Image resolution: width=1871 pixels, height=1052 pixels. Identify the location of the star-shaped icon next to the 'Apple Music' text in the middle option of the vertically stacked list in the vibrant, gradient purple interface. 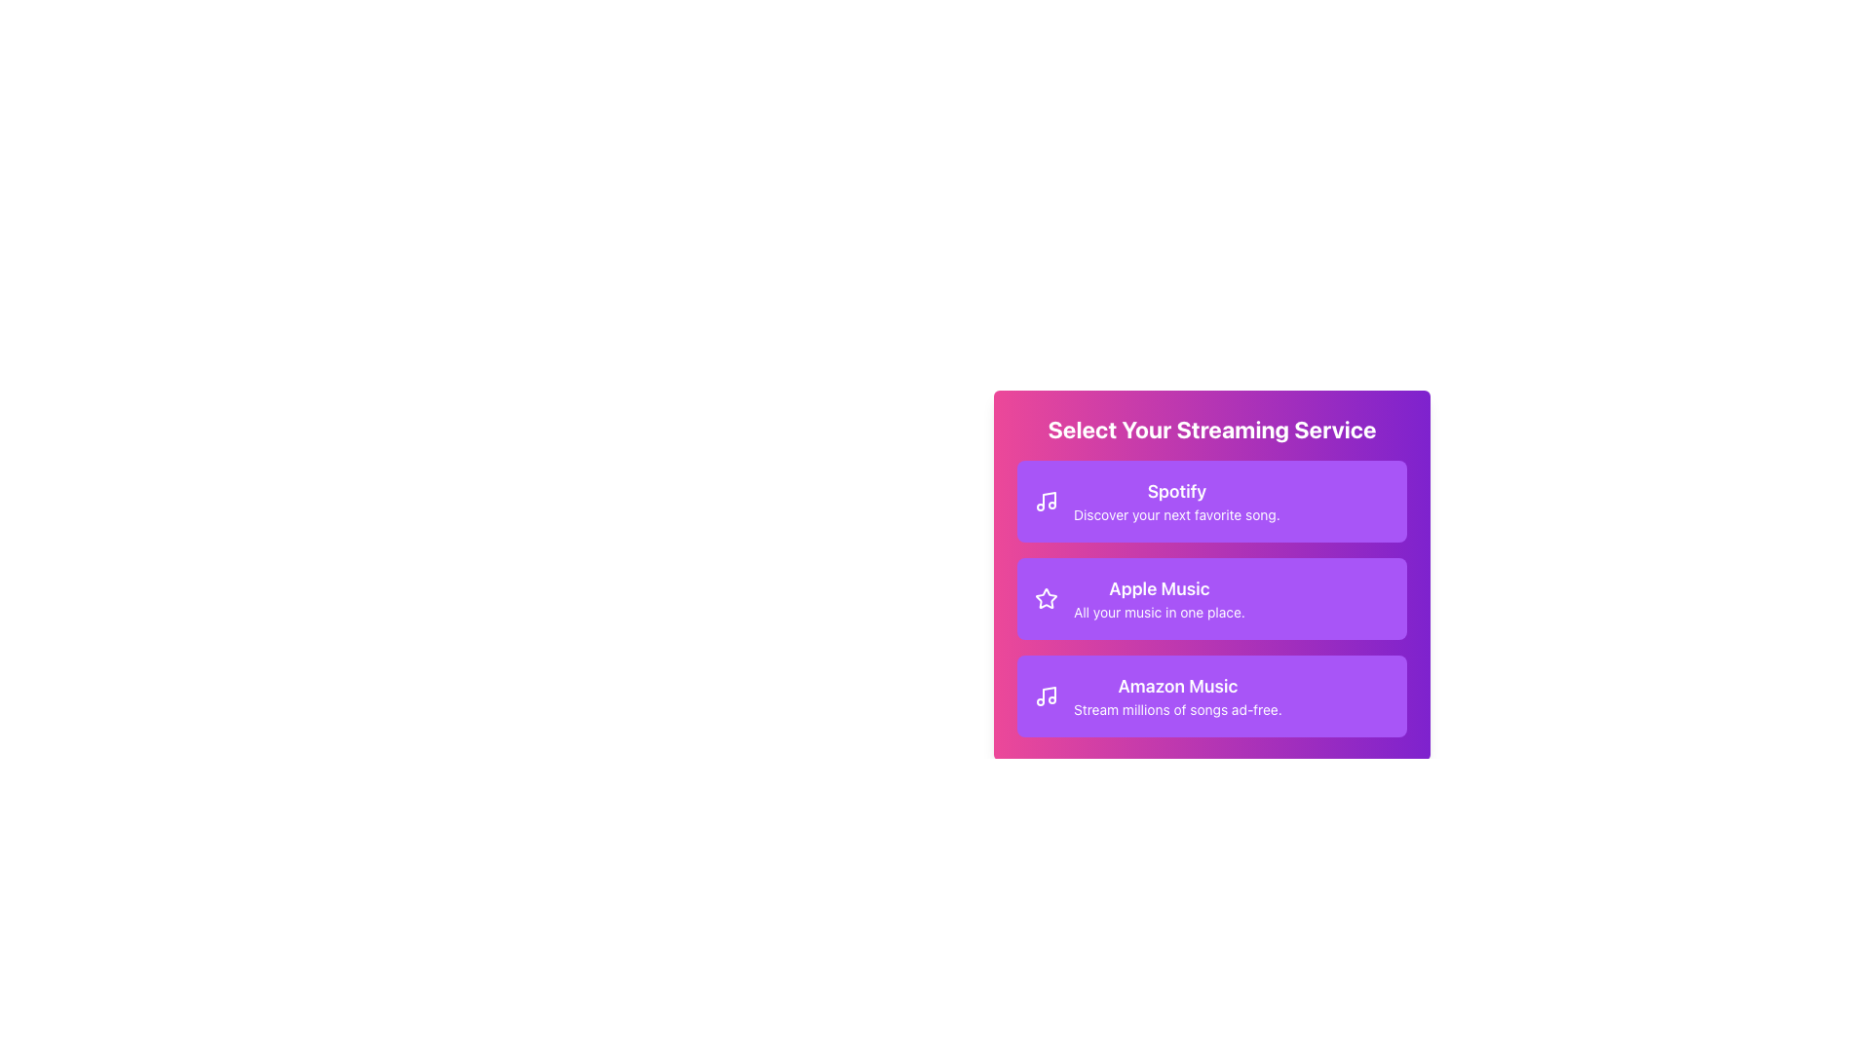
(1046, 597).